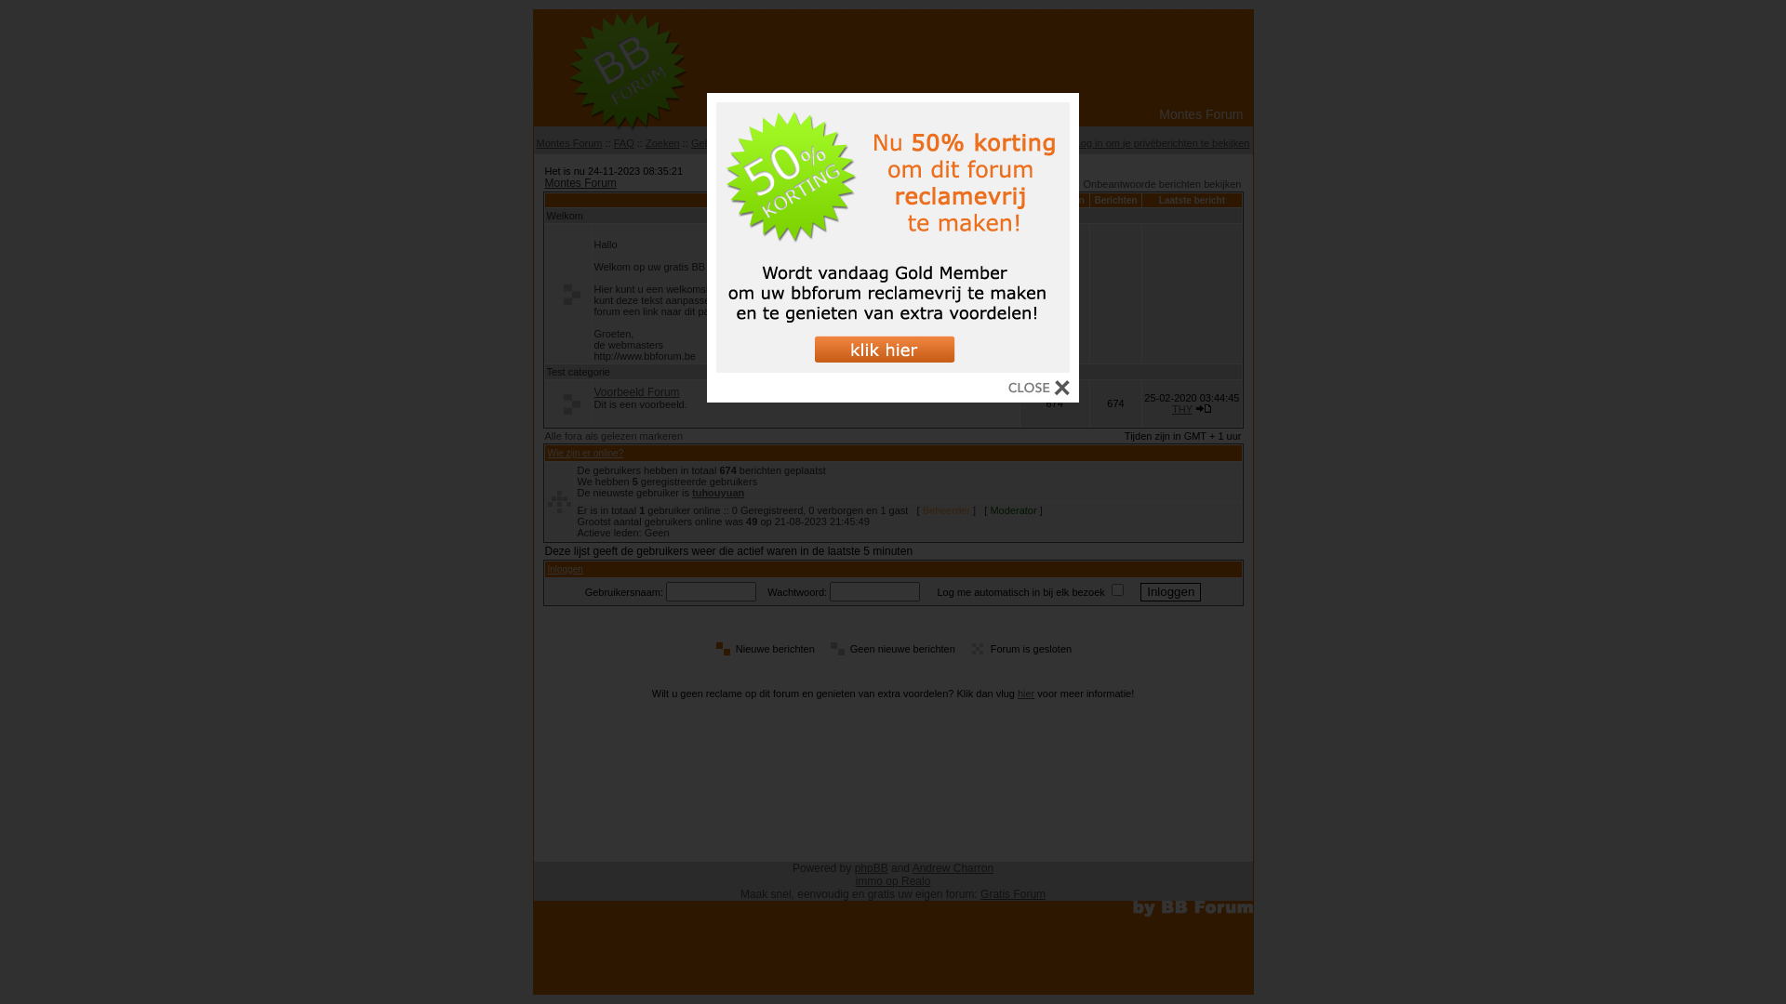  What do you see at coordinates (614, 436) in the screenshot?
I see `'Alle fora als gelezen markeren'` at bounding box center [614, 436].